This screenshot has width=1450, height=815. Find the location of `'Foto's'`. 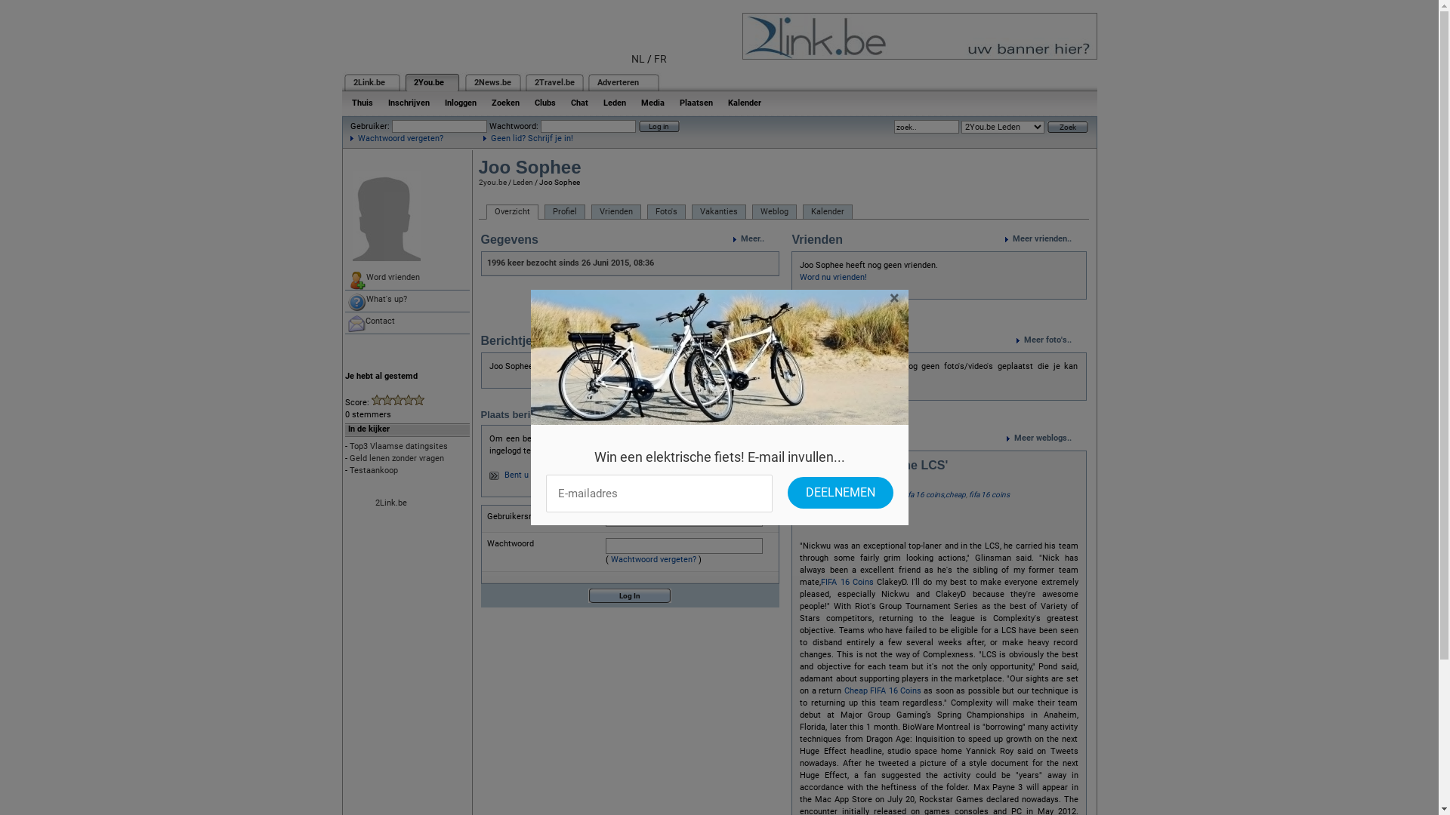

'Foto's' is located at coordinates (665, 212).